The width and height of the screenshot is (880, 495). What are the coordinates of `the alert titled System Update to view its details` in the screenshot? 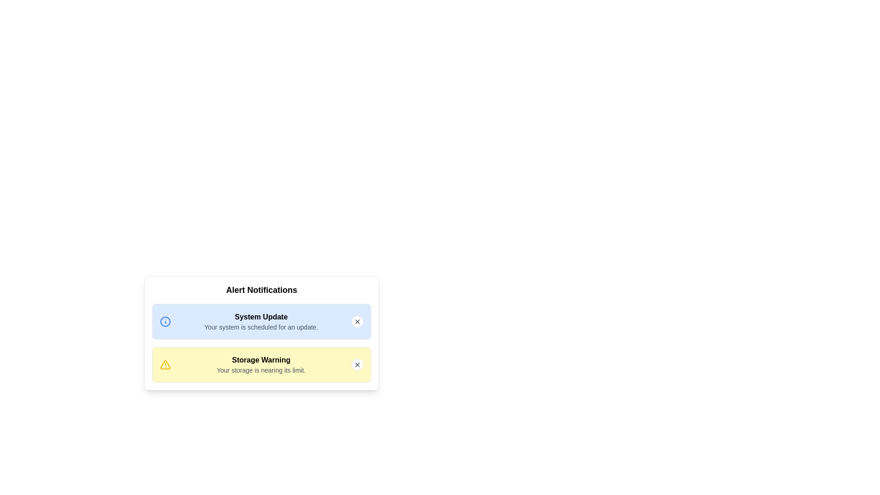 It's located at (261, 316).